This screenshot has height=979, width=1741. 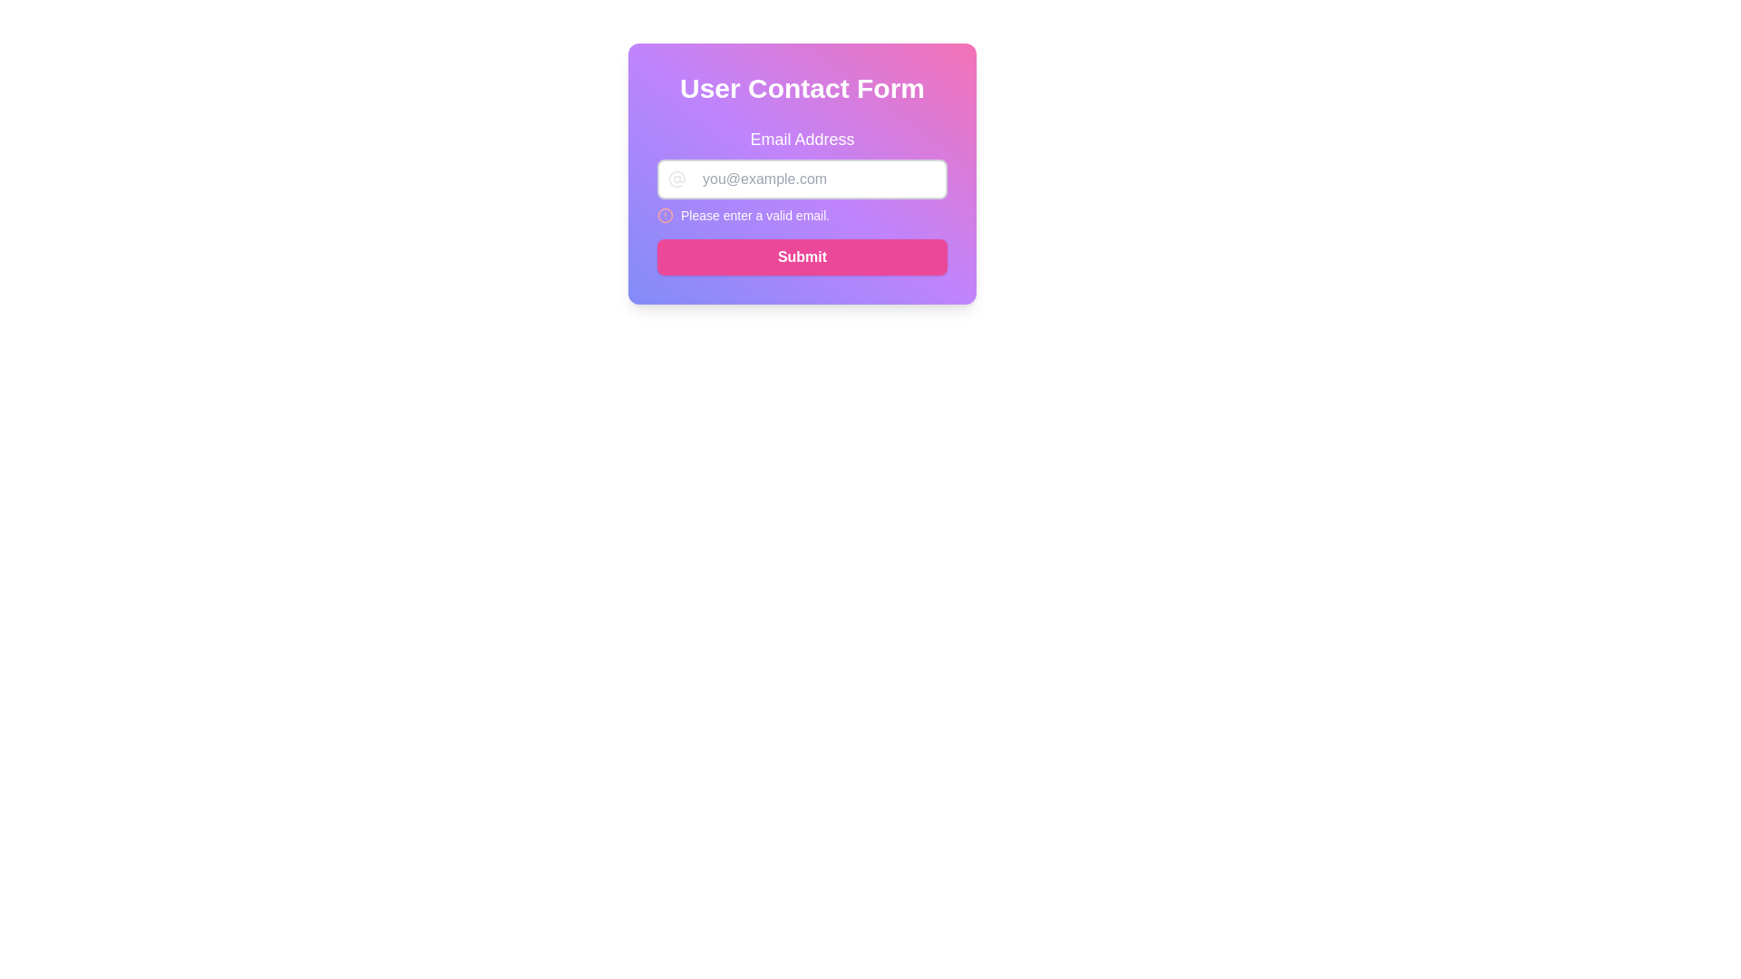 I want to click on the email input field, which is a rectangular text input with a light-gray border and a placeholder text 'you@example.com', to focus on it, so click(x=801, y=179).